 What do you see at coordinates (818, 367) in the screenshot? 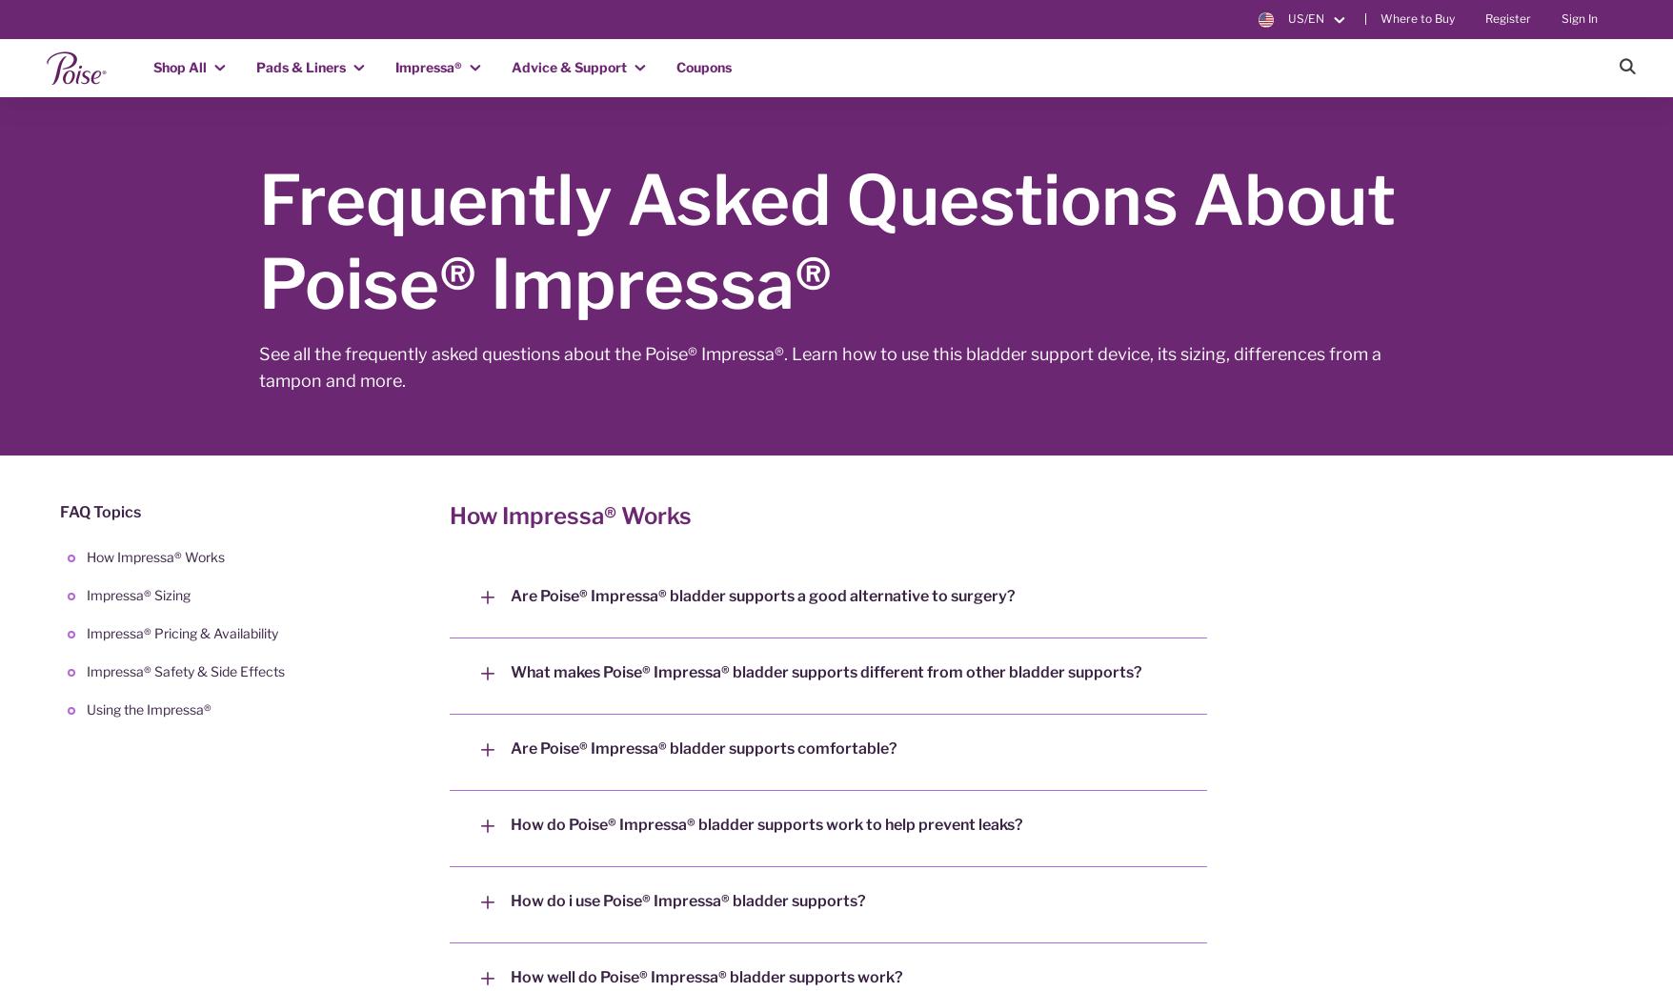
I see `'See all the frequently asked questions about the Poise® Impressa®. Learn how to use this bladder support device, its sizing, differences from a tampon and more.'` at bounding box center [818, 367].